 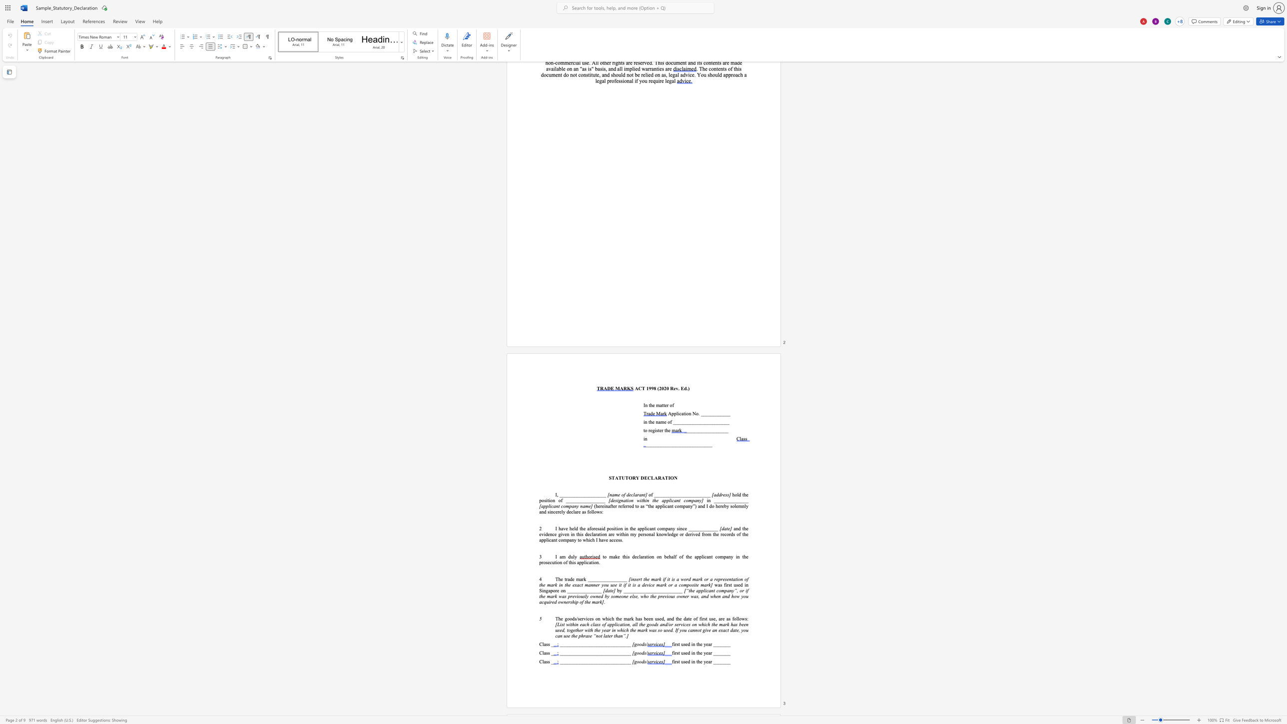 I want to click on the space between the continuous character "C" and "L" in the text, so click(x=651, y=478).